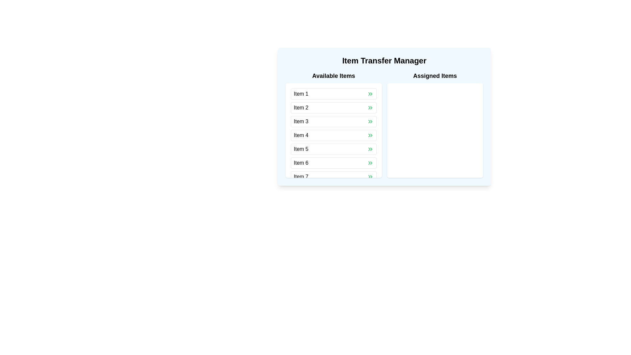 The height and width of the screenshot is (355, 631). Describe the element at coordinates (334, 76) in the screenshot. I see `the 'Available Items' label positioned at the top-left corner of the two-column layout` at that location.